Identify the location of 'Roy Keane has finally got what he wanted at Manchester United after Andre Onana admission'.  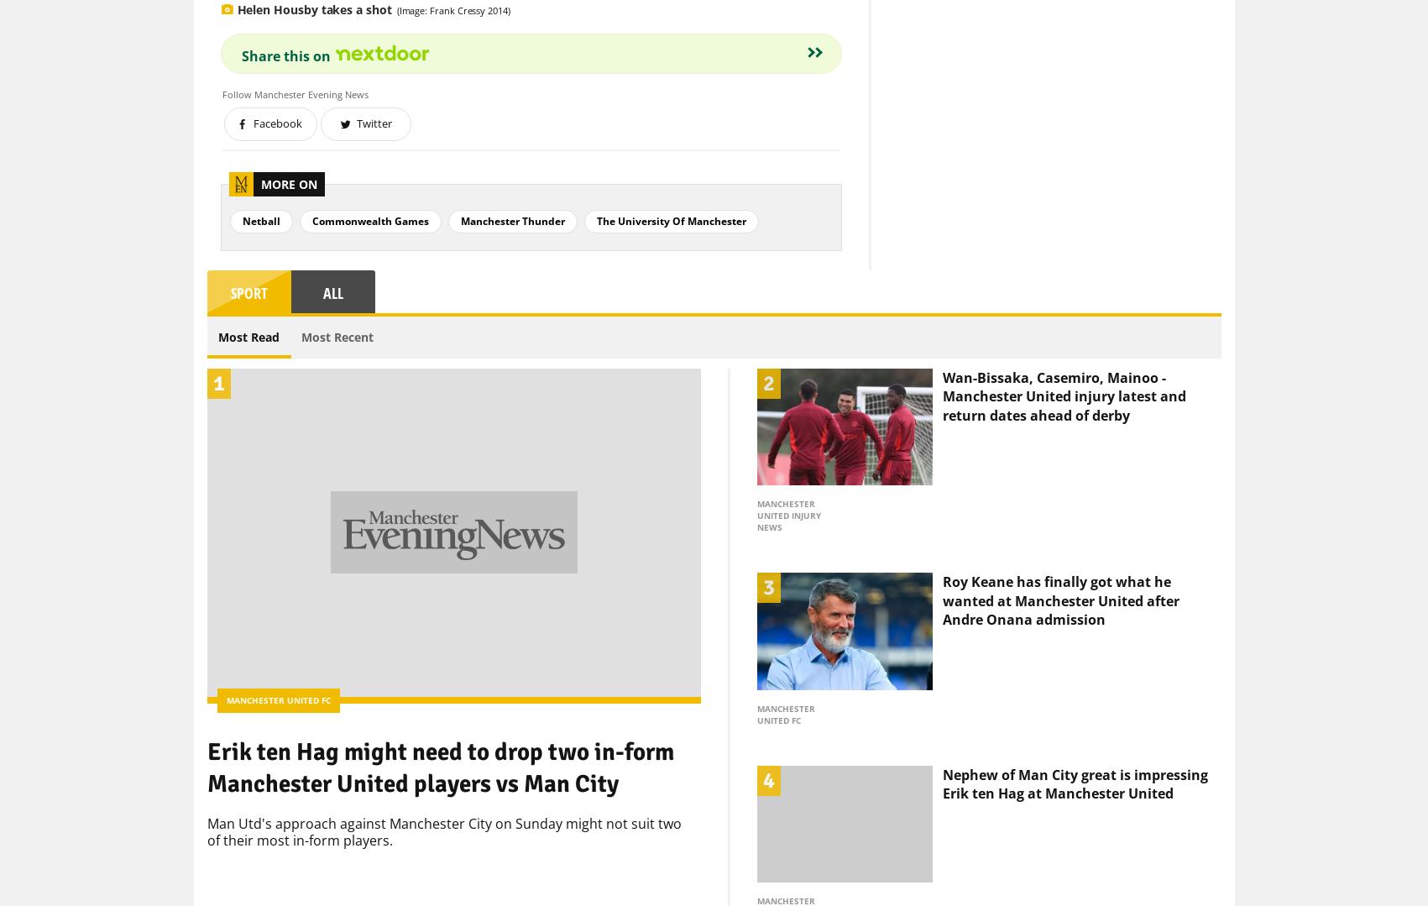
(1059, 573).